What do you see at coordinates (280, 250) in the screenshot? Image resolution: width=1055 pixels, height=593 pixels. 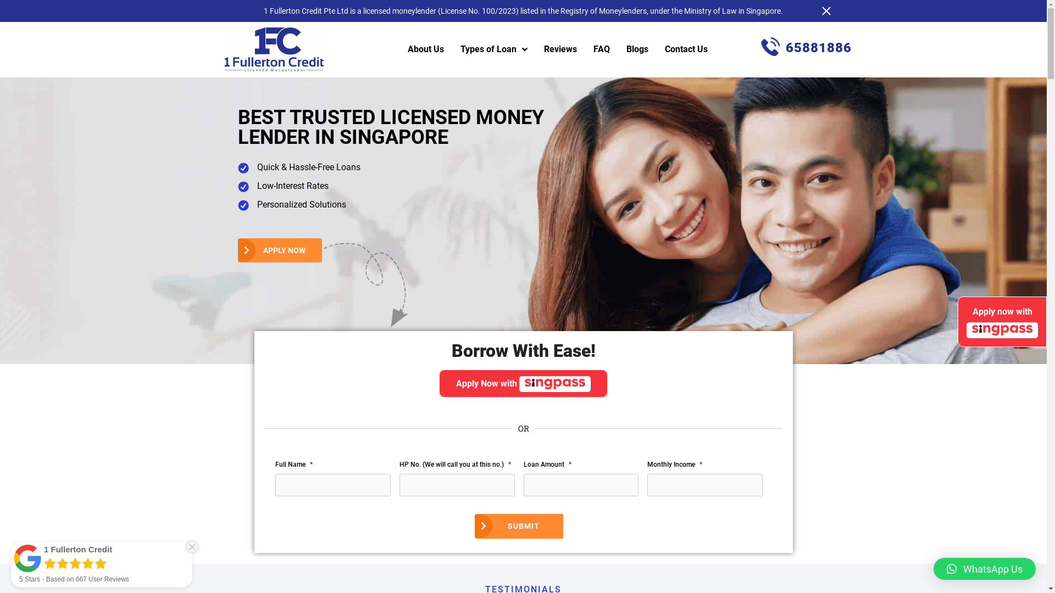 I see `'APPLY NOW'` at bounding box center [280, 250].